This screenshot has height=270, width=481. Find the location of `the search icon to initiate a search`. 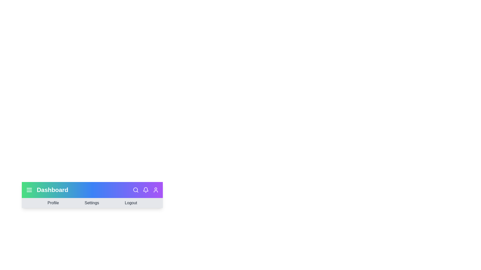

the search icon to initiate a search is located at coordinates (136, 190).